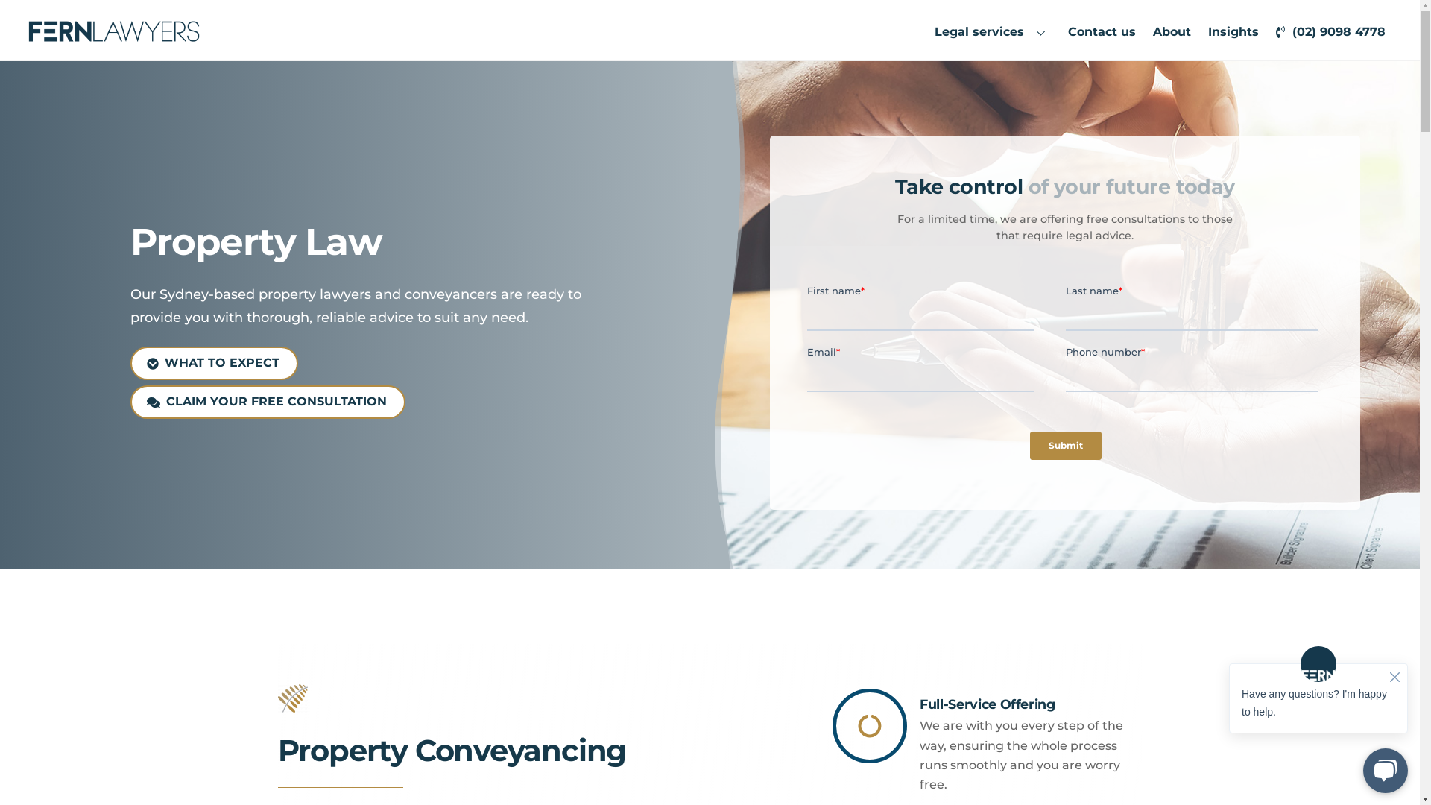  What do you see at coordinates (113, 31) in the screenshot?
I see `'$_FERN_MASTERLOGO_RGB_DEEPSEA'` at bounding box center [113, 31].